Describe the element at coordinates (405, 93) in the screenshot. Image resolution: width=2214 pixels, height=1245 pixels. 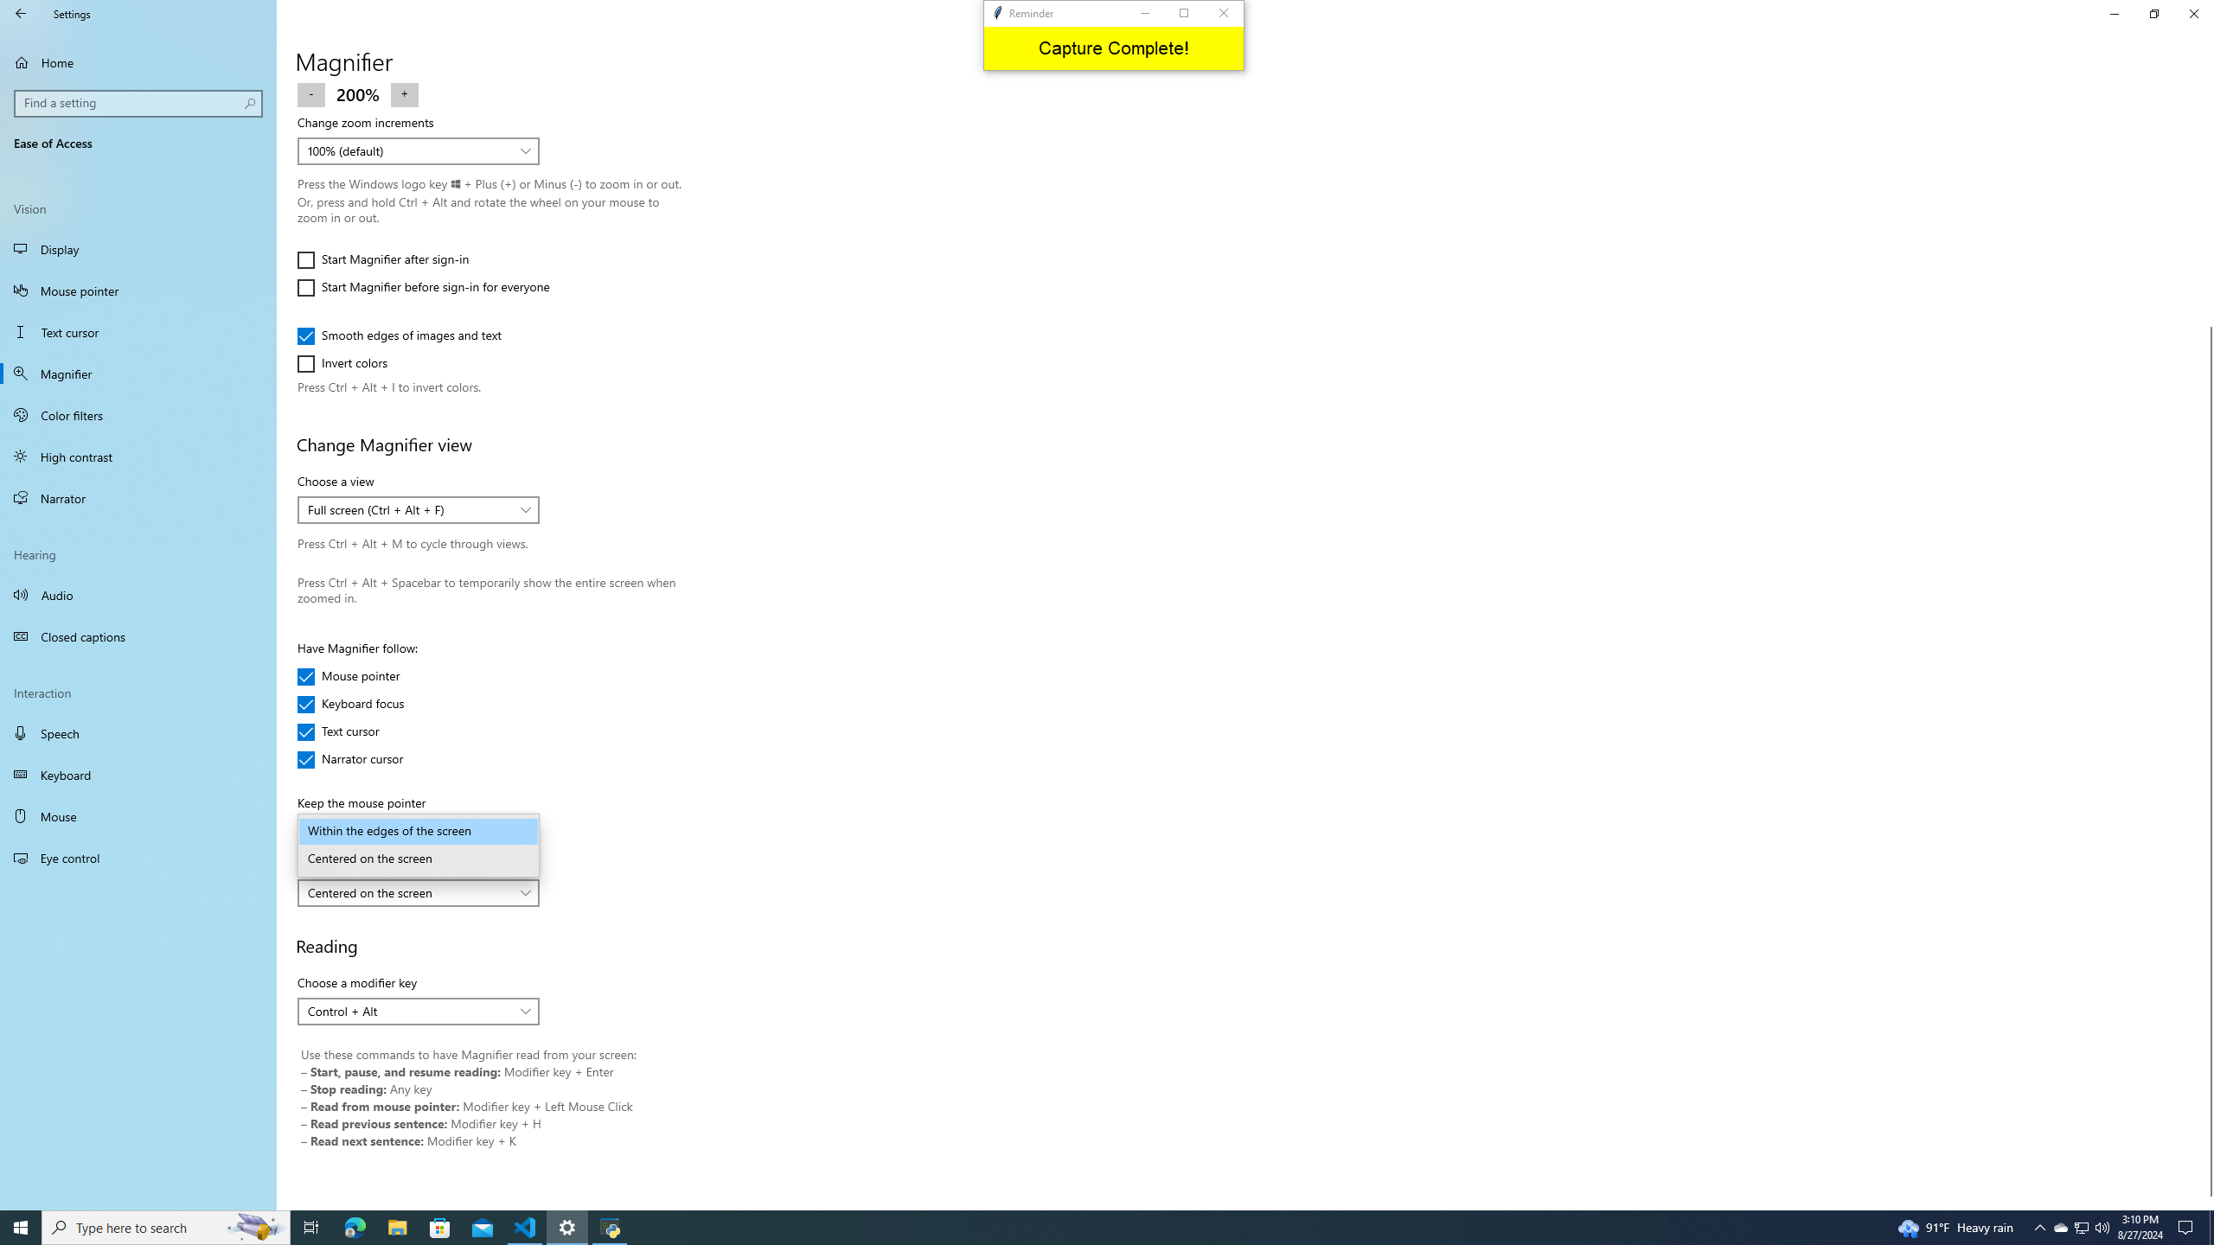
I see `'Zoom in'` at that location.